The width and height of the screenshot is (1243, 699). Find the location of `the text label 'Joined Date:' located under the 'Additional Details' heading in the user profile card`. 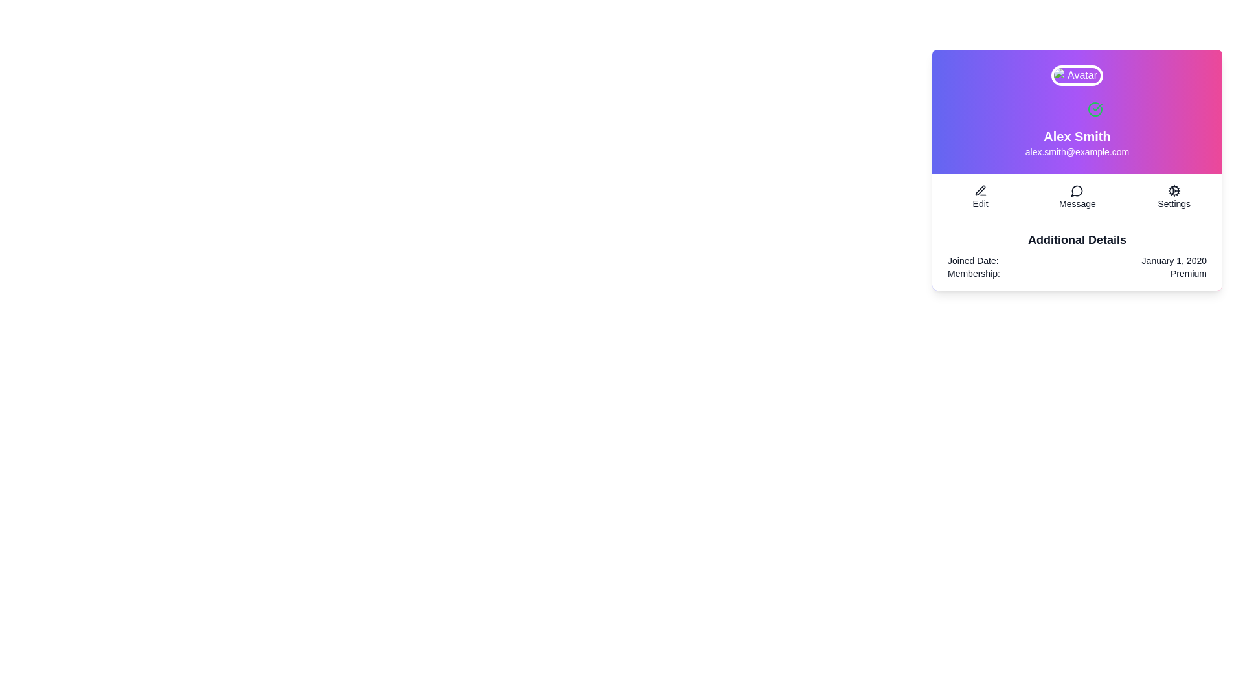

the text label 'Joined Date:' located under the 'Additional Details' heading in the user profile card is located at coordinates (973, 260).